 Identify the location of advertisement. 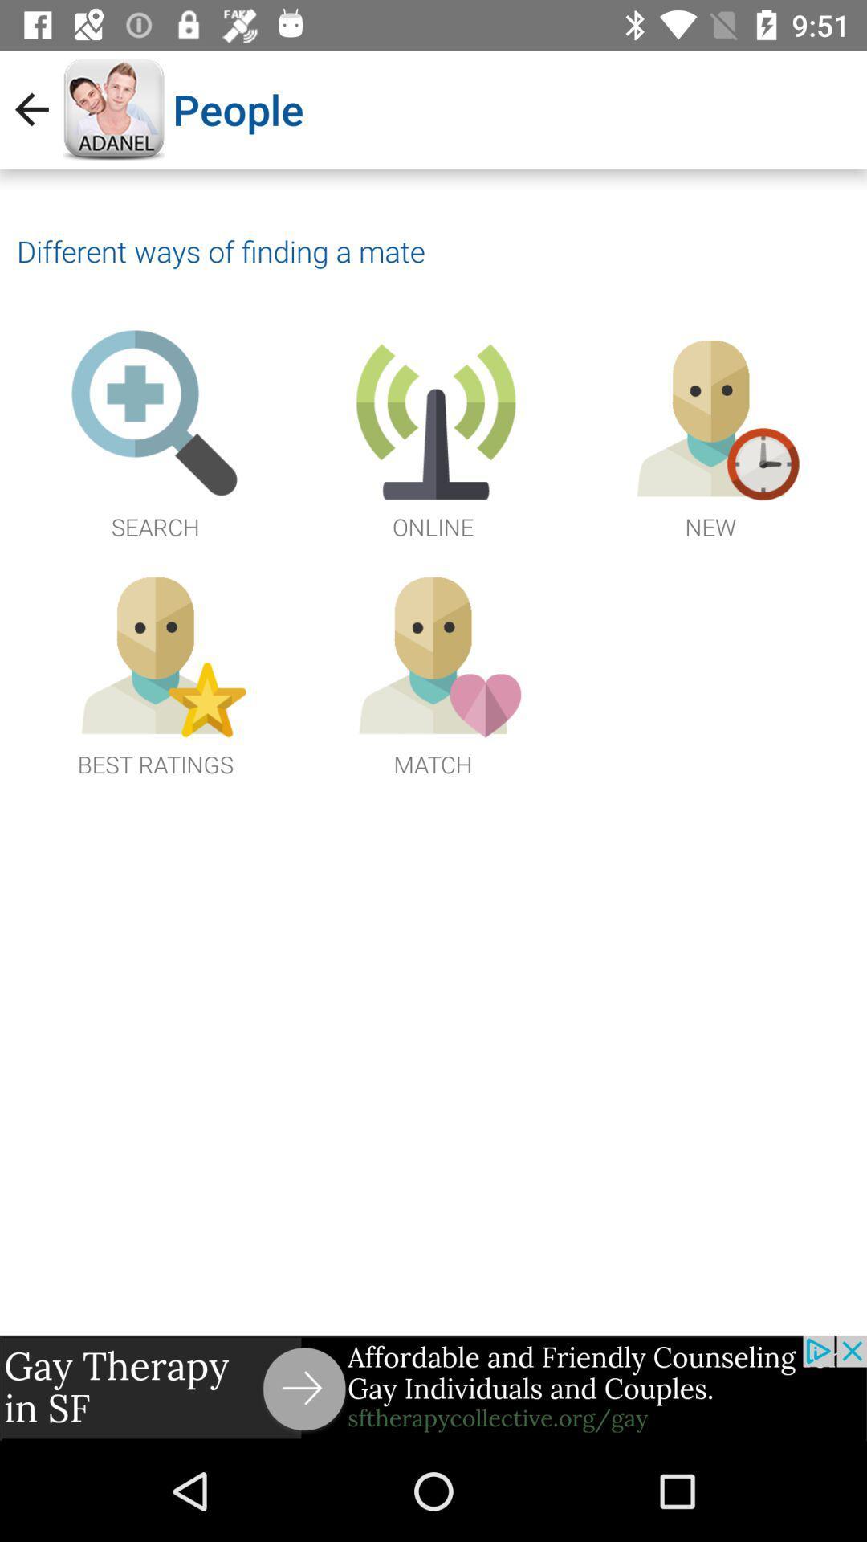
(433, 1387).